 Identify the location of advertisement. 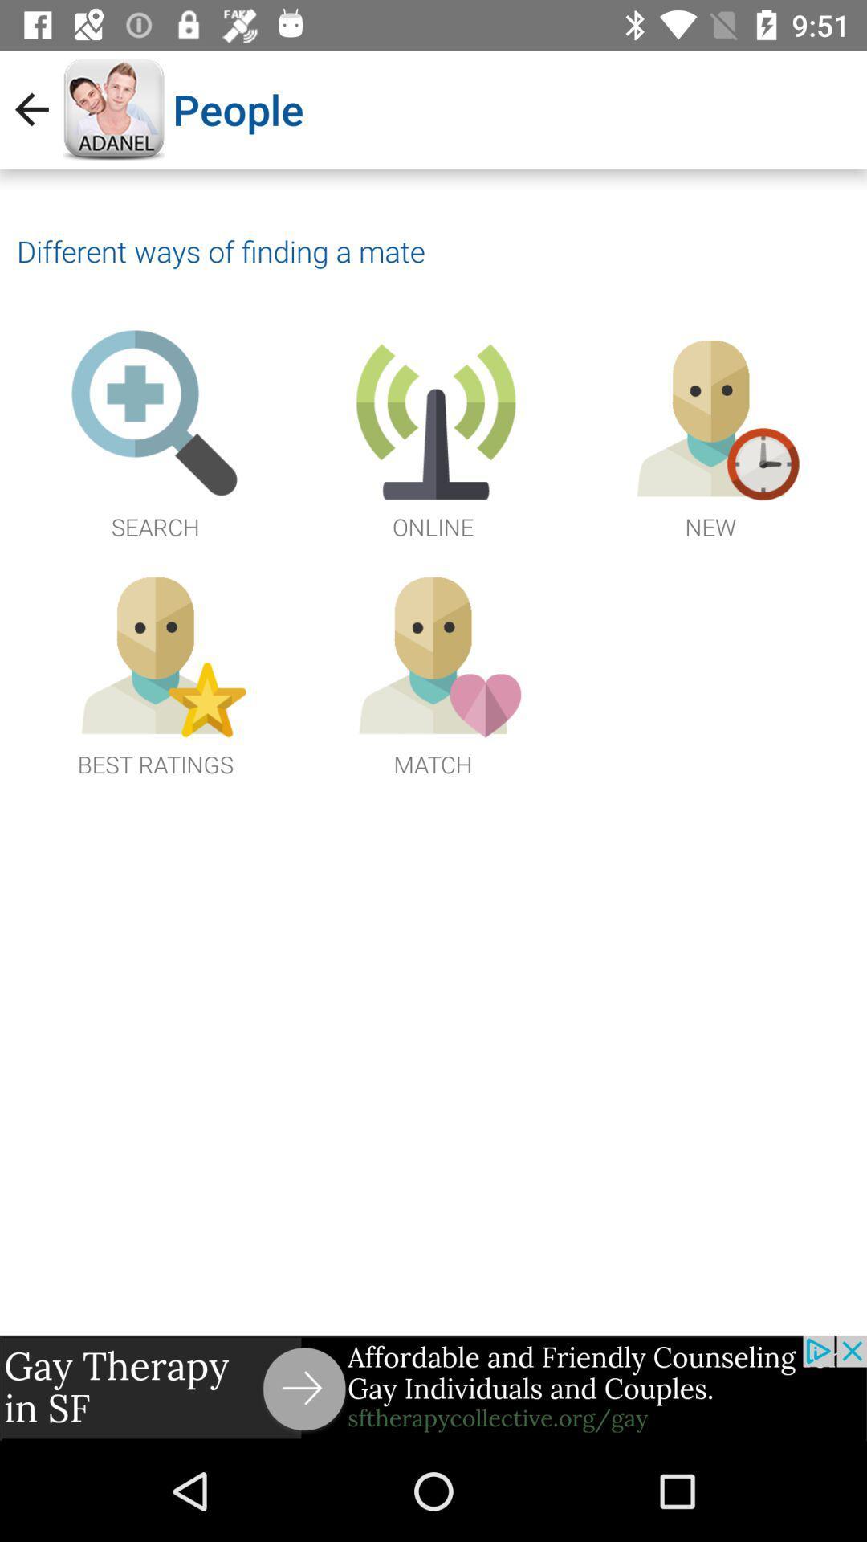
(433, 1387).